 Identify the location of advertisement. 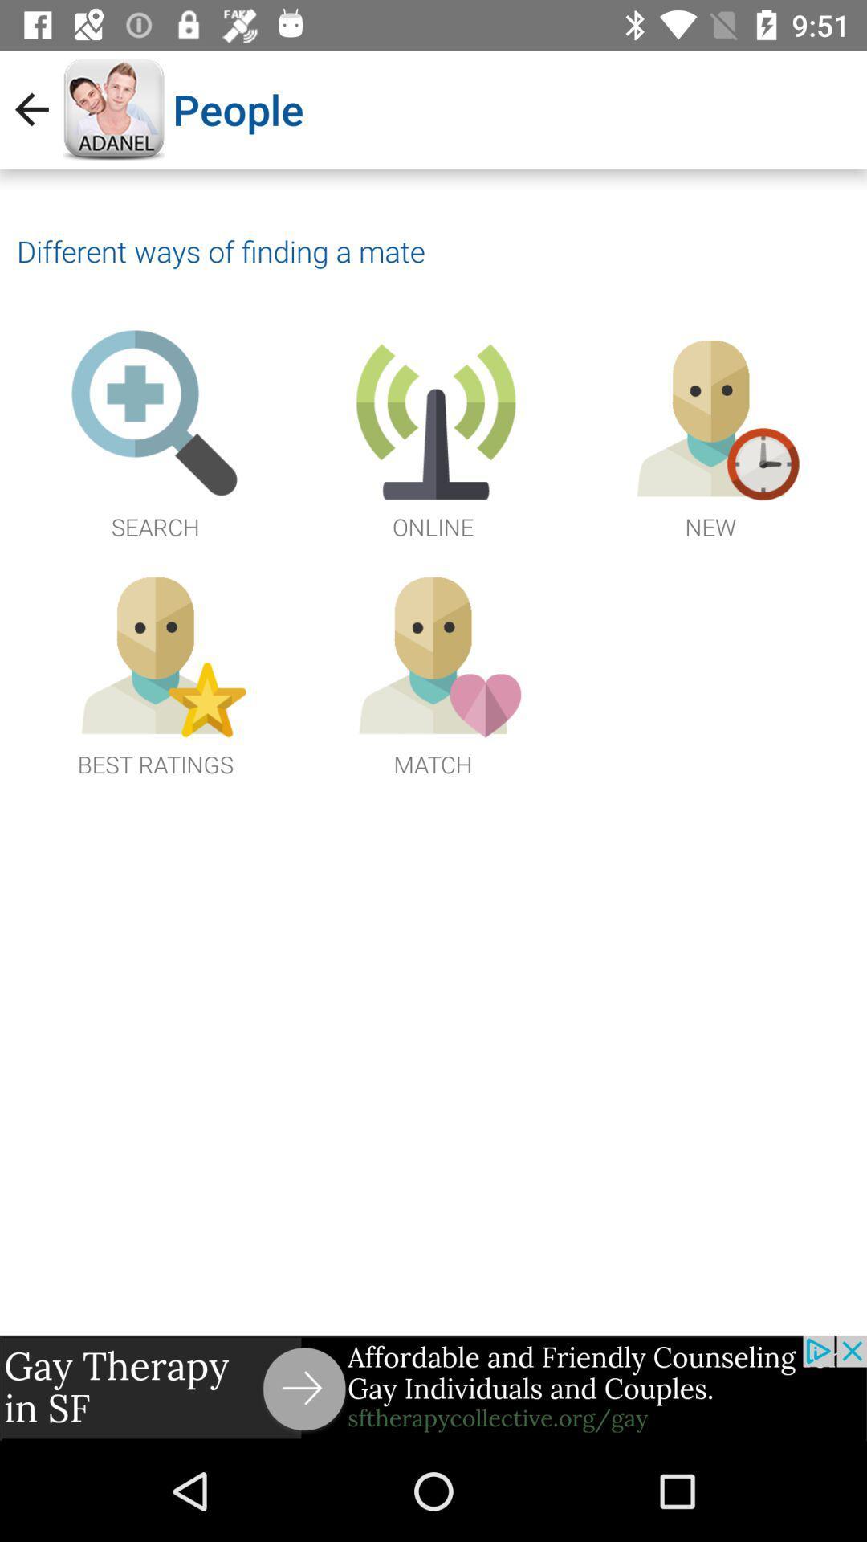
(433, 1387).